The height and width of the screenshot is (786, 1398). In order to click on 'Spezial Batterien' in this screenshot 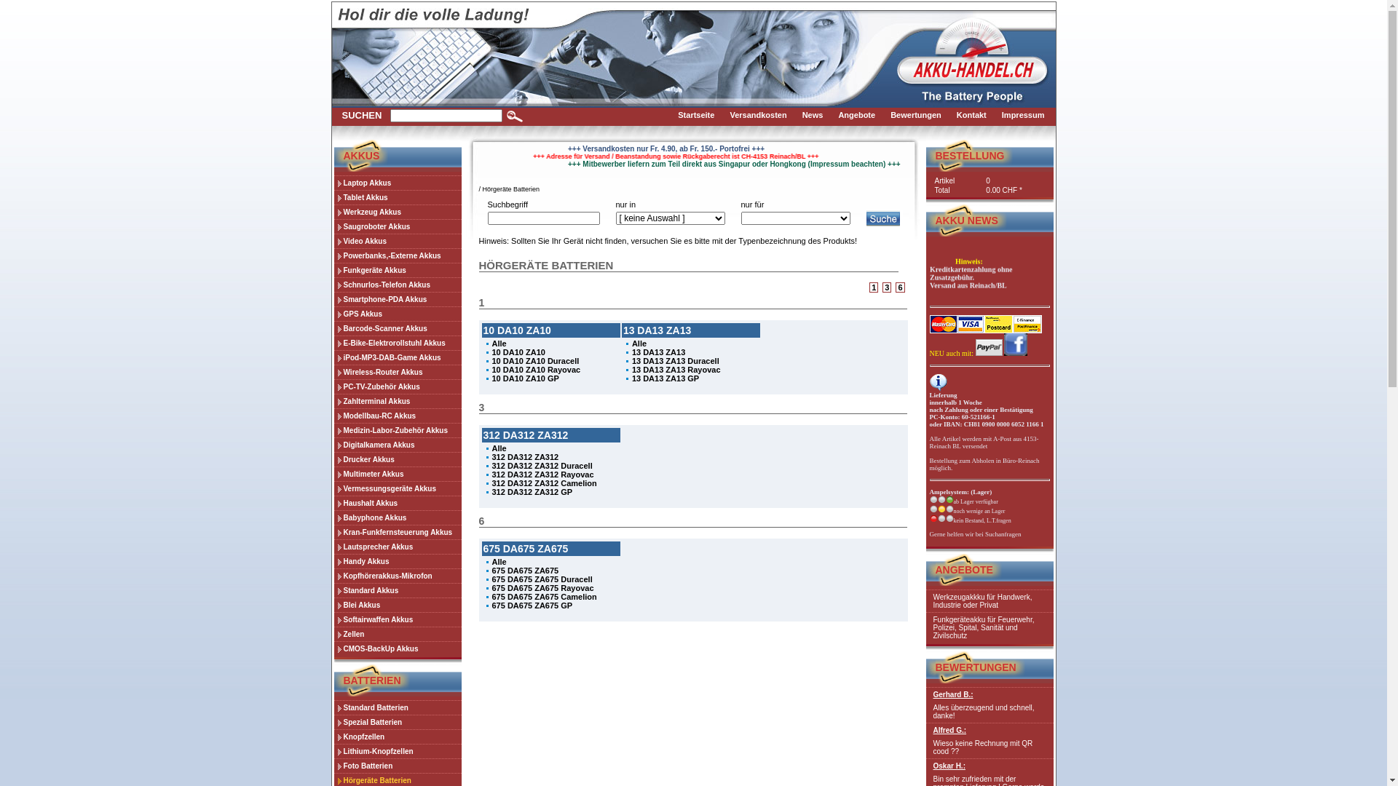, I will do `click(332, 721)`.